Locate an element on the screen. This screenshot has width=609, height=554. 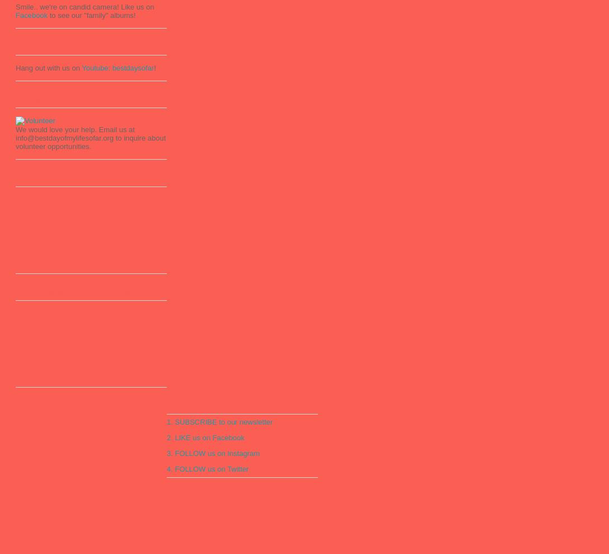
'Videos' is located at coordinates (26, 47).